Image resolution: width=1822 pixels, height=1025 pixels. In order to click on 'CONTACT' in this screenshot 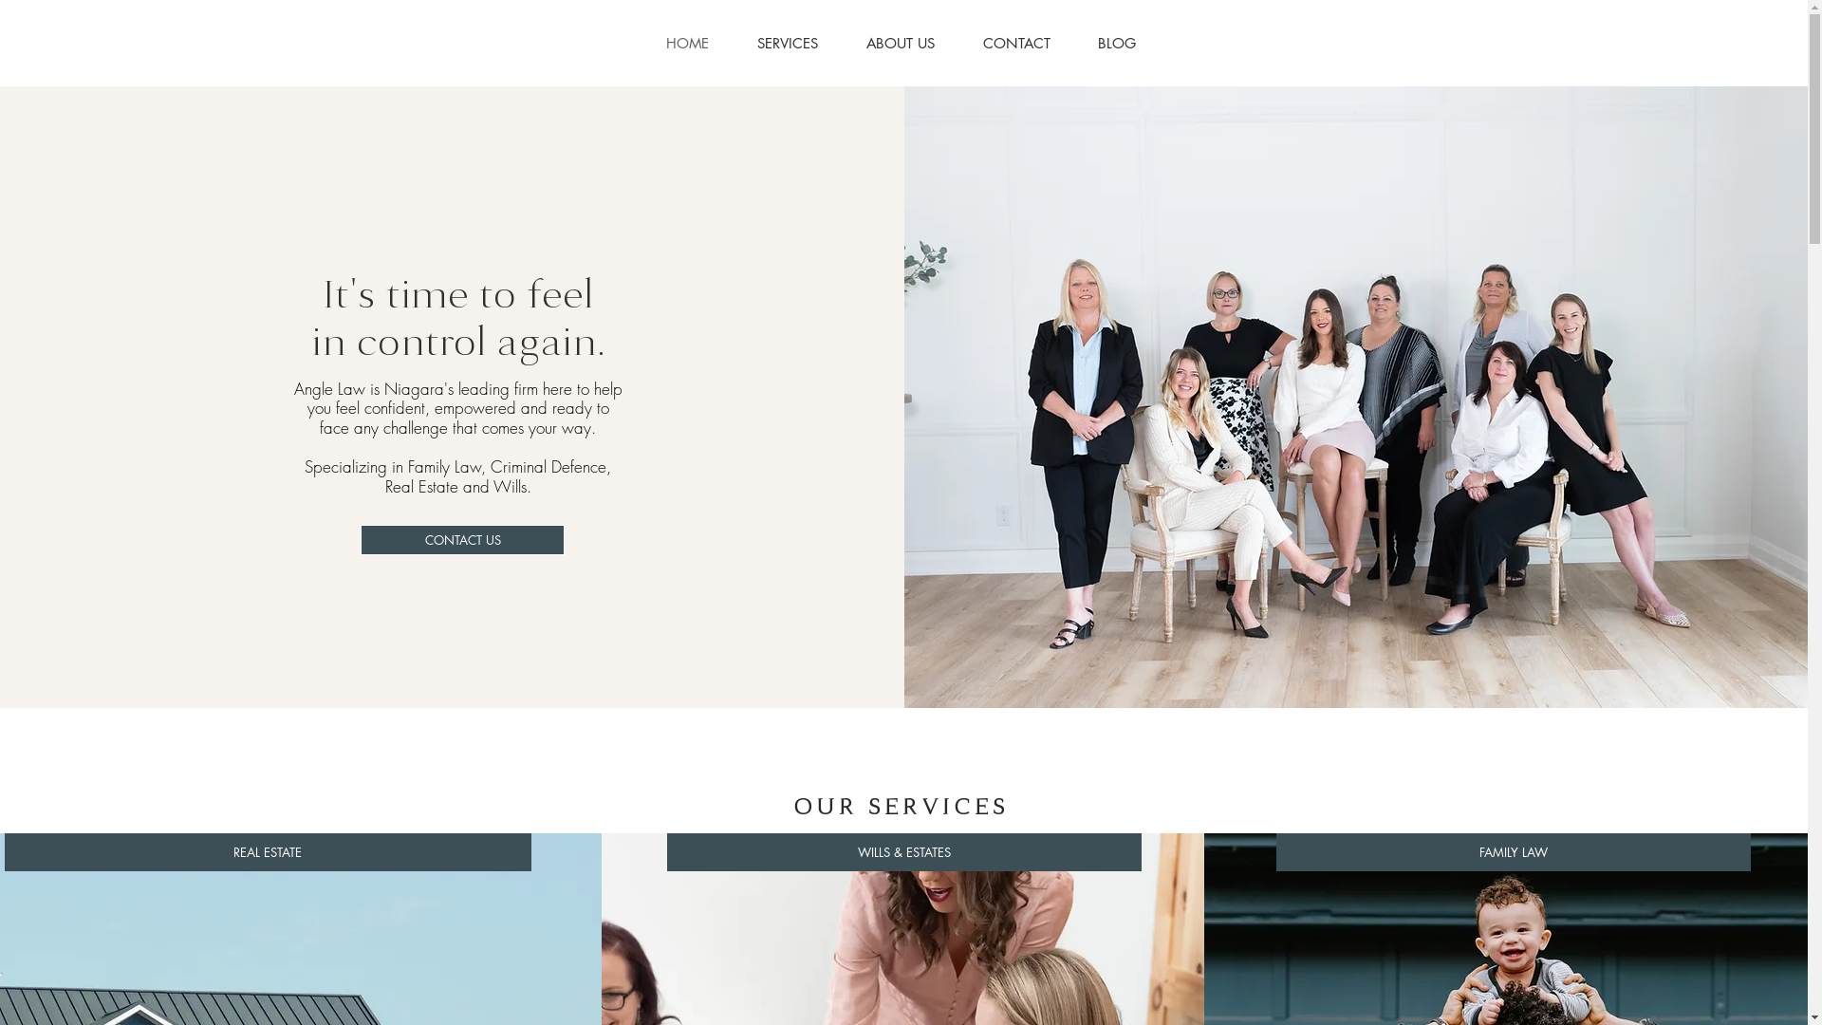, I will do `click(1014, 43)`.